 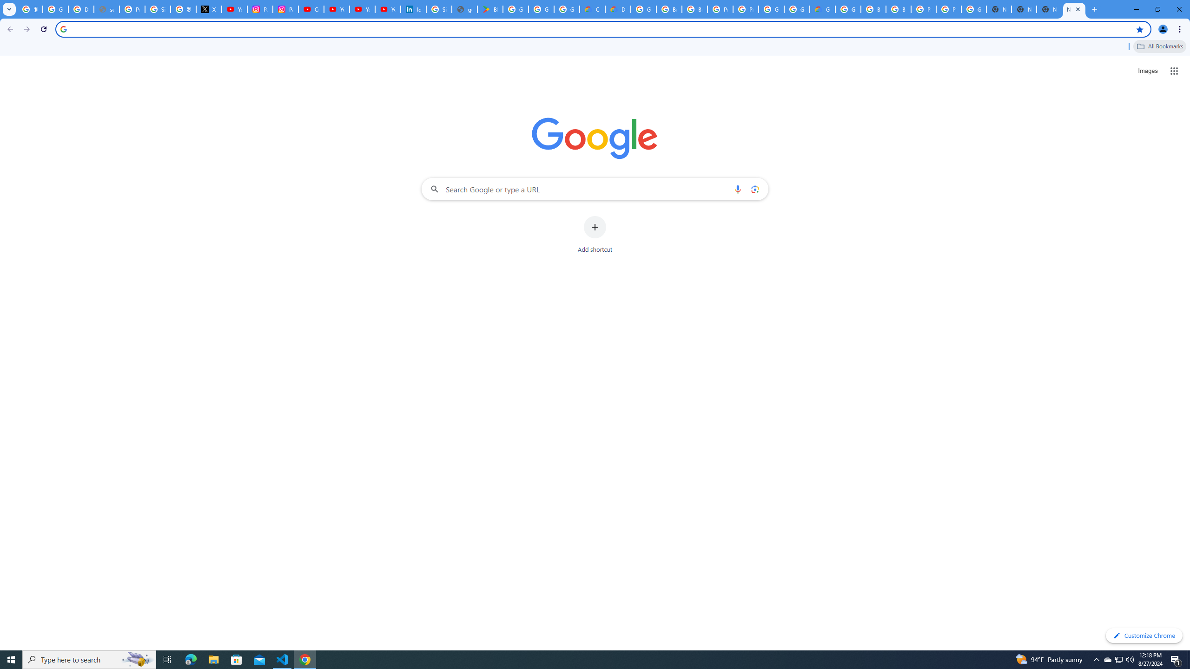 I want to click on 'Google Cloud Platform', so click(x=796, y=9).